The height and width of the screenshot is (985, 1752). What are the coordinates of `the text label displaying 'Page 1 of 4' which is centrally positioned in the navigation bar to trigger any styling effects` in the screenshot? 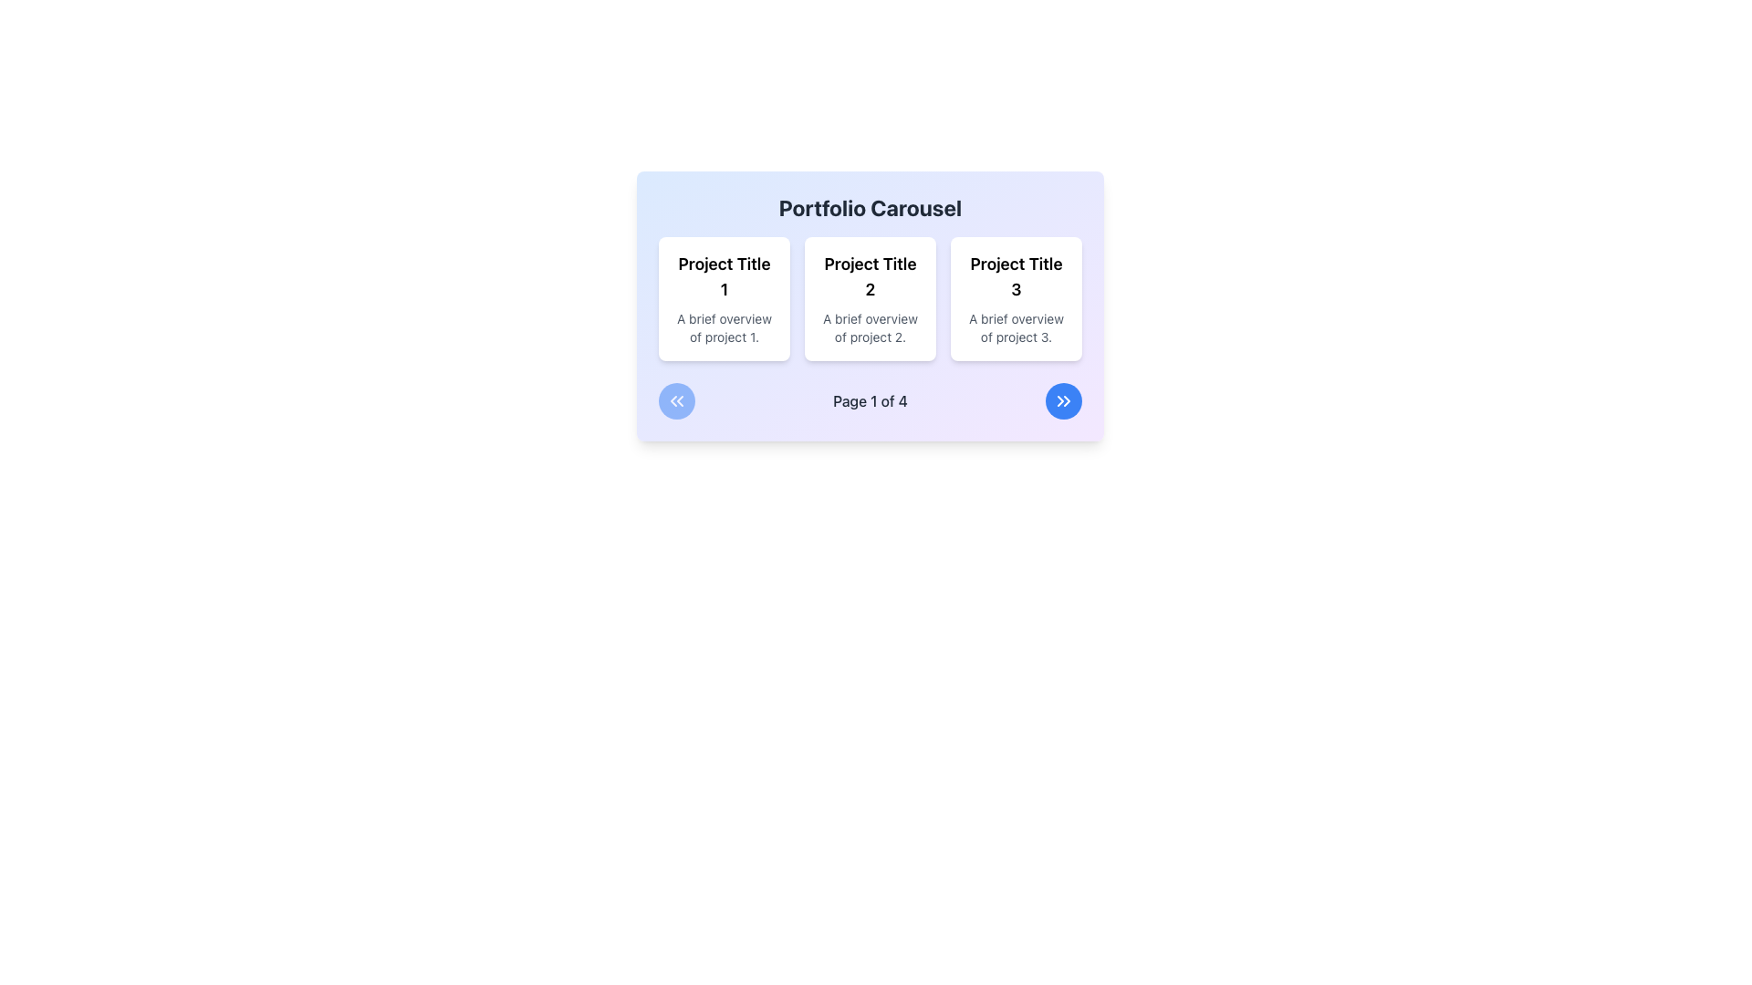 It's located at (870, 399).